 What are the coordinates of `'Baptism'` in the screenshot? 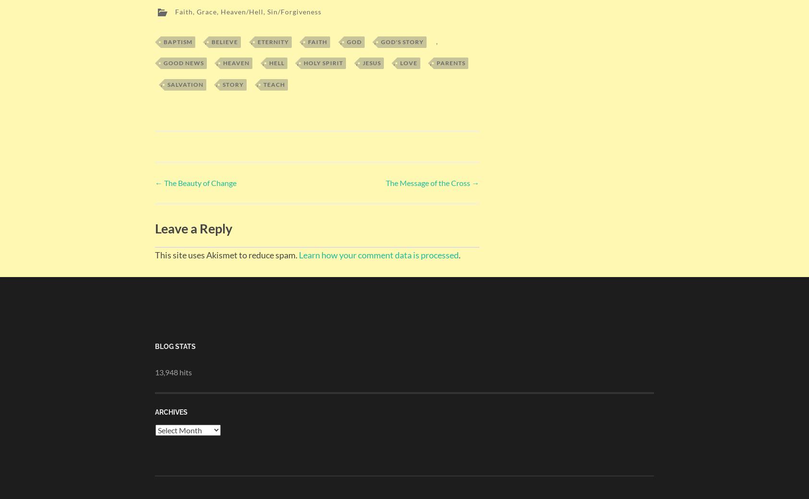 It's located at (177, 38).